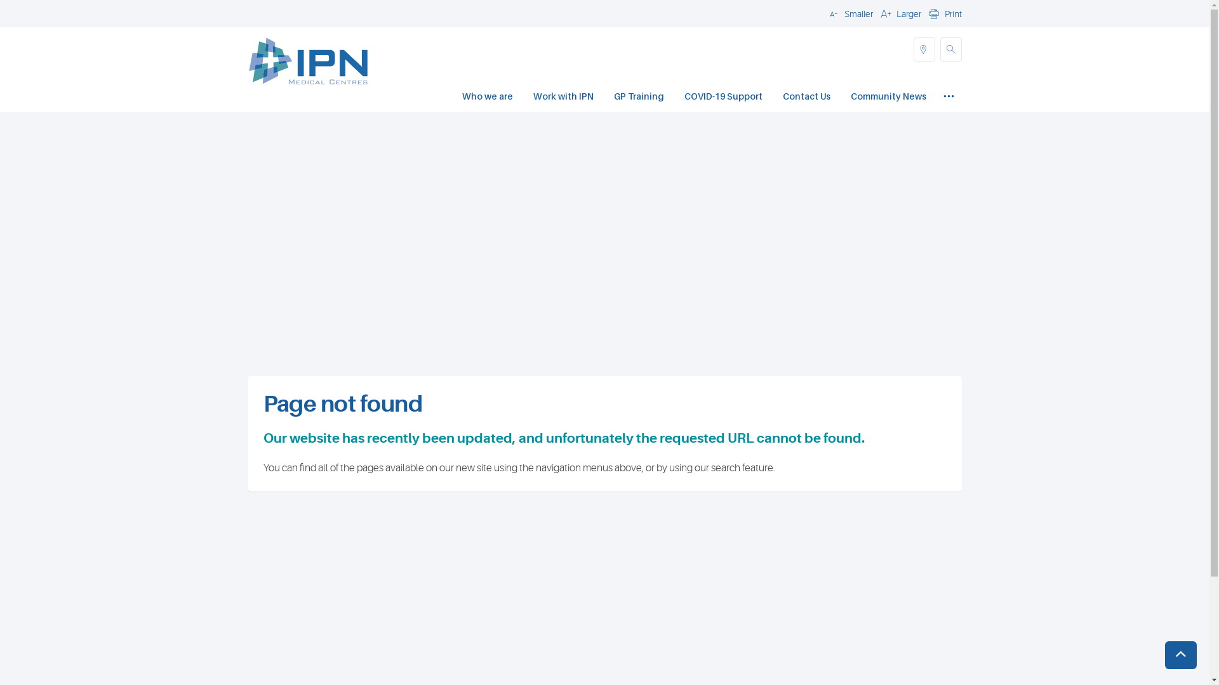  Describe the element at coordinates (563, 97) in the screenshot. I see `'Work with IPN'` at that location.